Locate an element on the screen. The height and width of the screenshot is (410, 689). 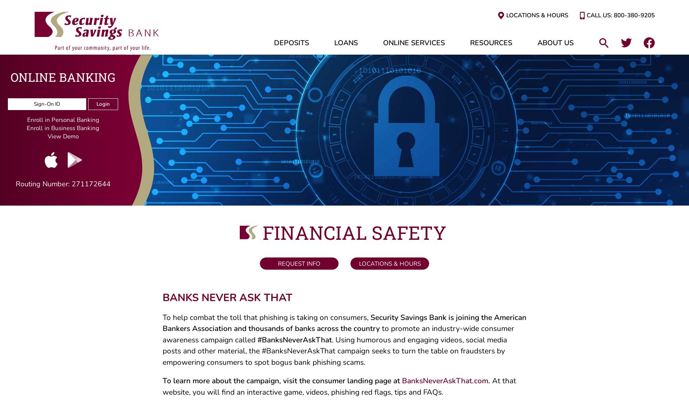
'Banks Never Ask That' is located at coordinates (227, 300).